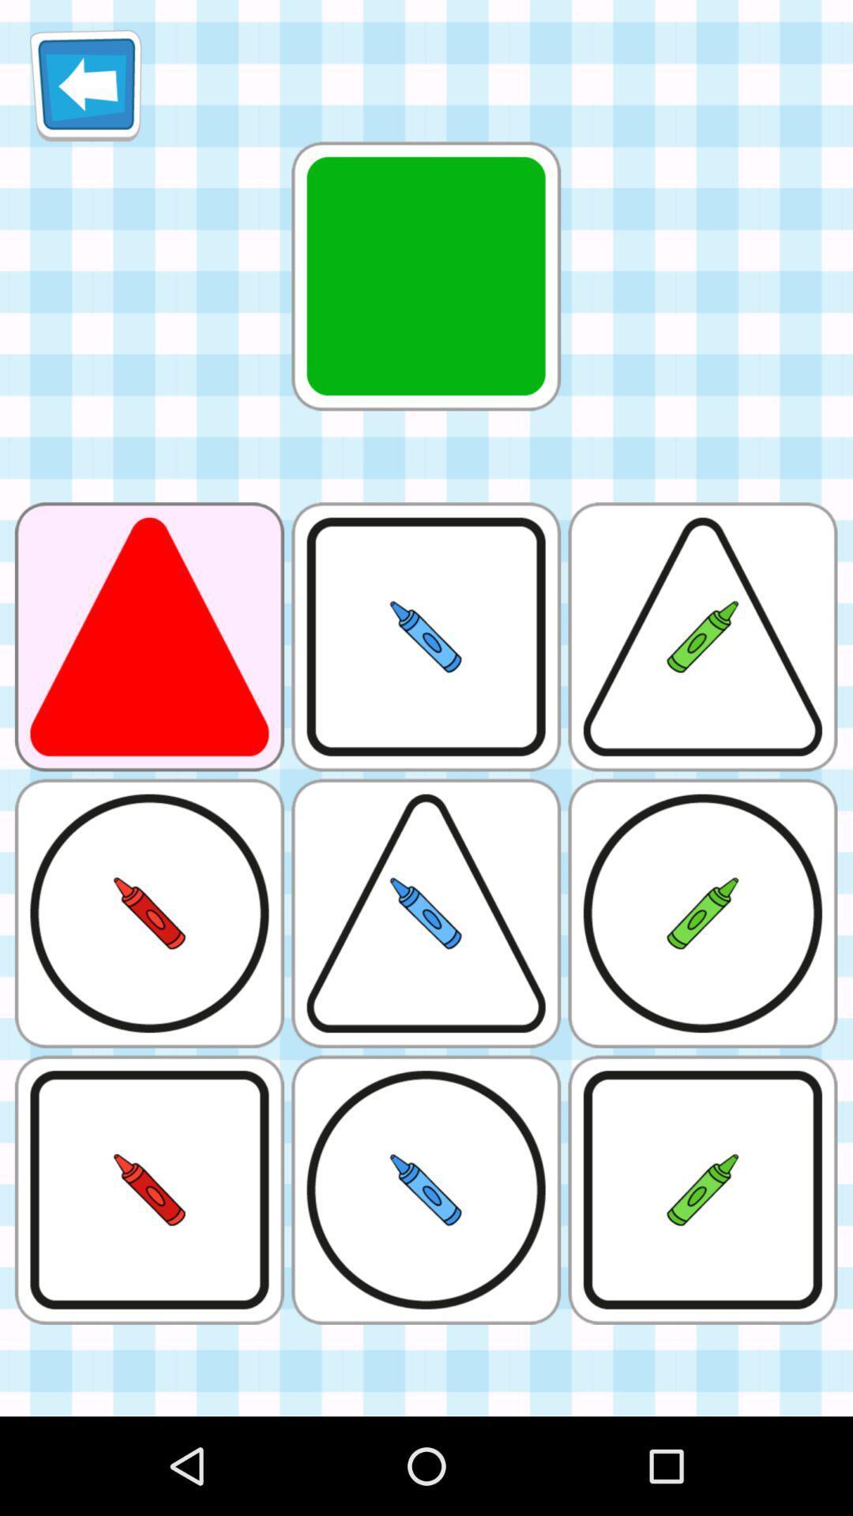  I want to click on the arrow_backward icon, so click(85, 91).